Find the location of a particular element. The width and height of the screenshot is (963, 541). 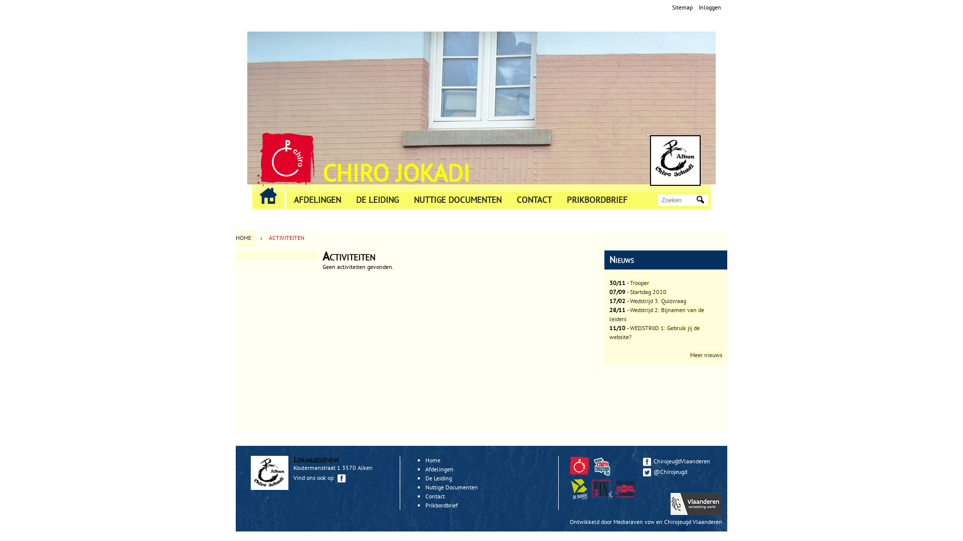

'Twitter' is located at coordinates (647, 472).